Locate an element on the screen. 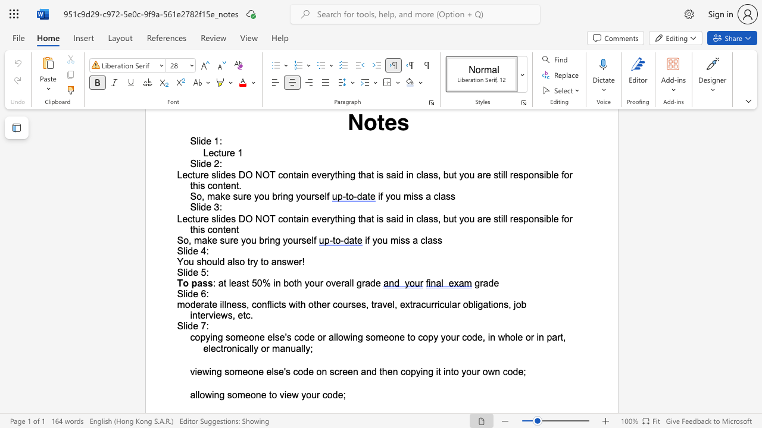 This screenshot has height=428, width=762. the subset text "iss a cla" within the text "if you miss a class" is located at coordinates (398, 240).